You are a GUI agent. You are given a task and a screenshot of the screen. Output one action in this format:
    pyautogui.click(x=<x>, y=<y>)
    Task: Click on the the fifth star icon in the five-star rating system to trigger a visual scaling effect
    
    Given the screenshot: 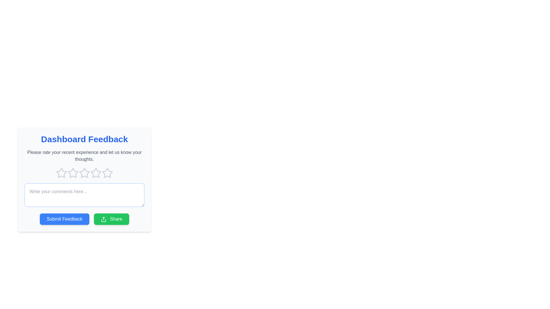 What is the action you would take?
    pyautogui.click(x=107, y=173)
    